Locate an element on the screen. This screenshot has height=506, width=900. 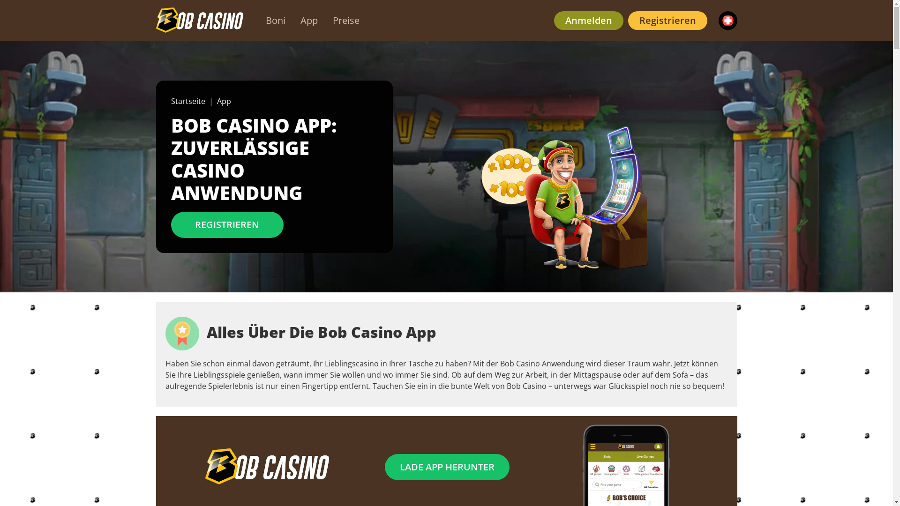
'Preise' is located at coordinates (345, 20).